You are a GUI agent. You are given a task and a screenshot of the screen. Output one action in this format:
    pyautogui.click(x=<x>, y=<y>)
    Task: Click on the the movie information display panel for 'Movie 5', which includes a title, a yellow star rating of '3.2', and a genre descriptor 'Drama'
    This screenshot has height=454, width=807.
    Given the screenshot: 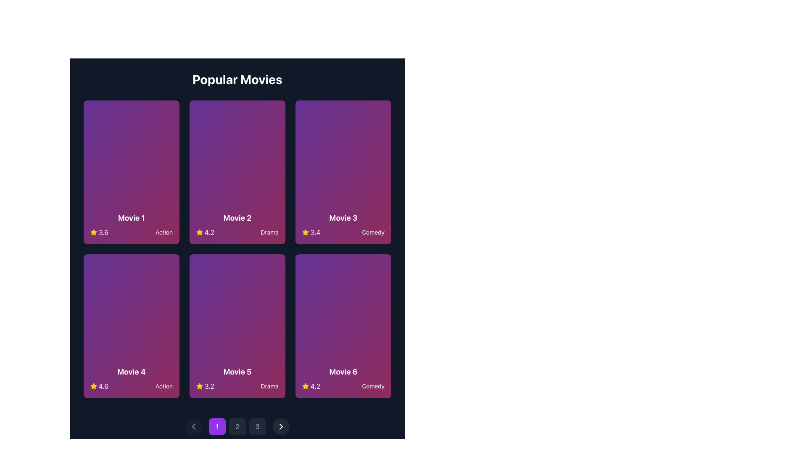 What is the action you would take?
    pyautogui.click(x=237, y=379)
    